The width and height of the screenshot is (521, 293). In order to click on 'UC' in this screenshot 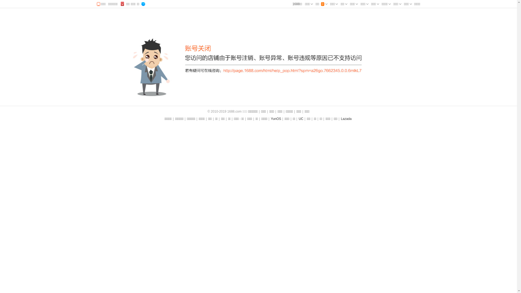, I will do `click(301, 119)`.